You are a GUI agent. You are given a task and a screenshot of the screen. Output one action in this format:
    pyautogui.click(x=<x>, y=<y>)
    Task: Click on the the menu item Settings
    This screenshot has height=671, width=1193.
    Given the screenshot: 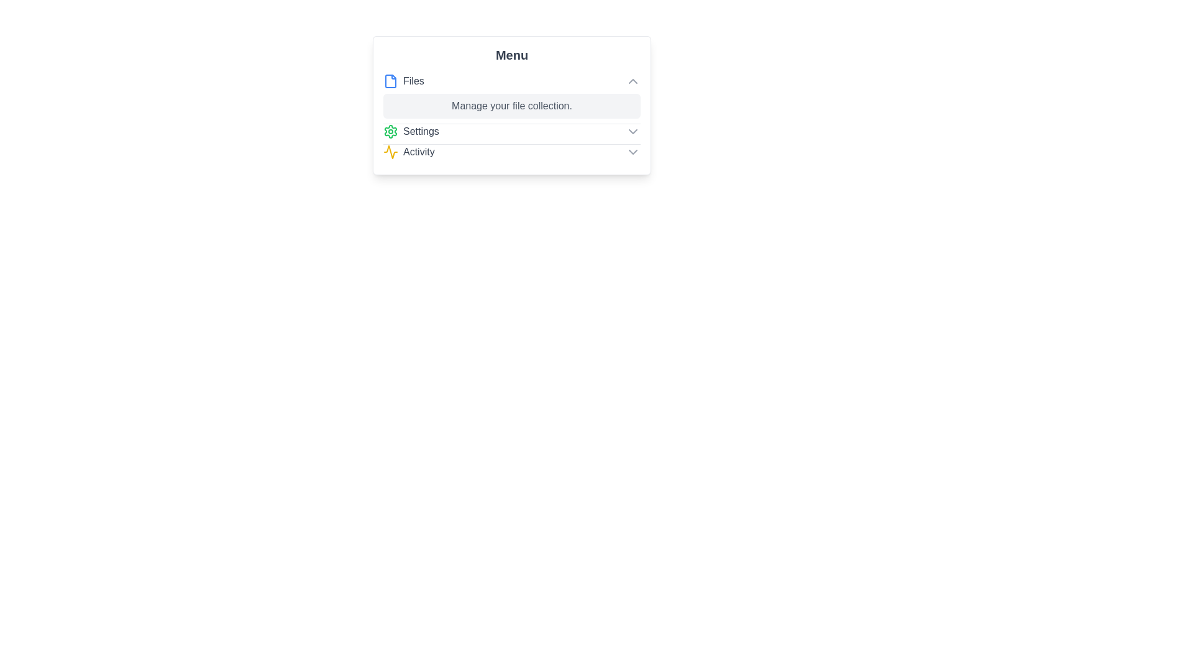 What is the action you would take?
    pyautogui.click(x=512, y=132)
    